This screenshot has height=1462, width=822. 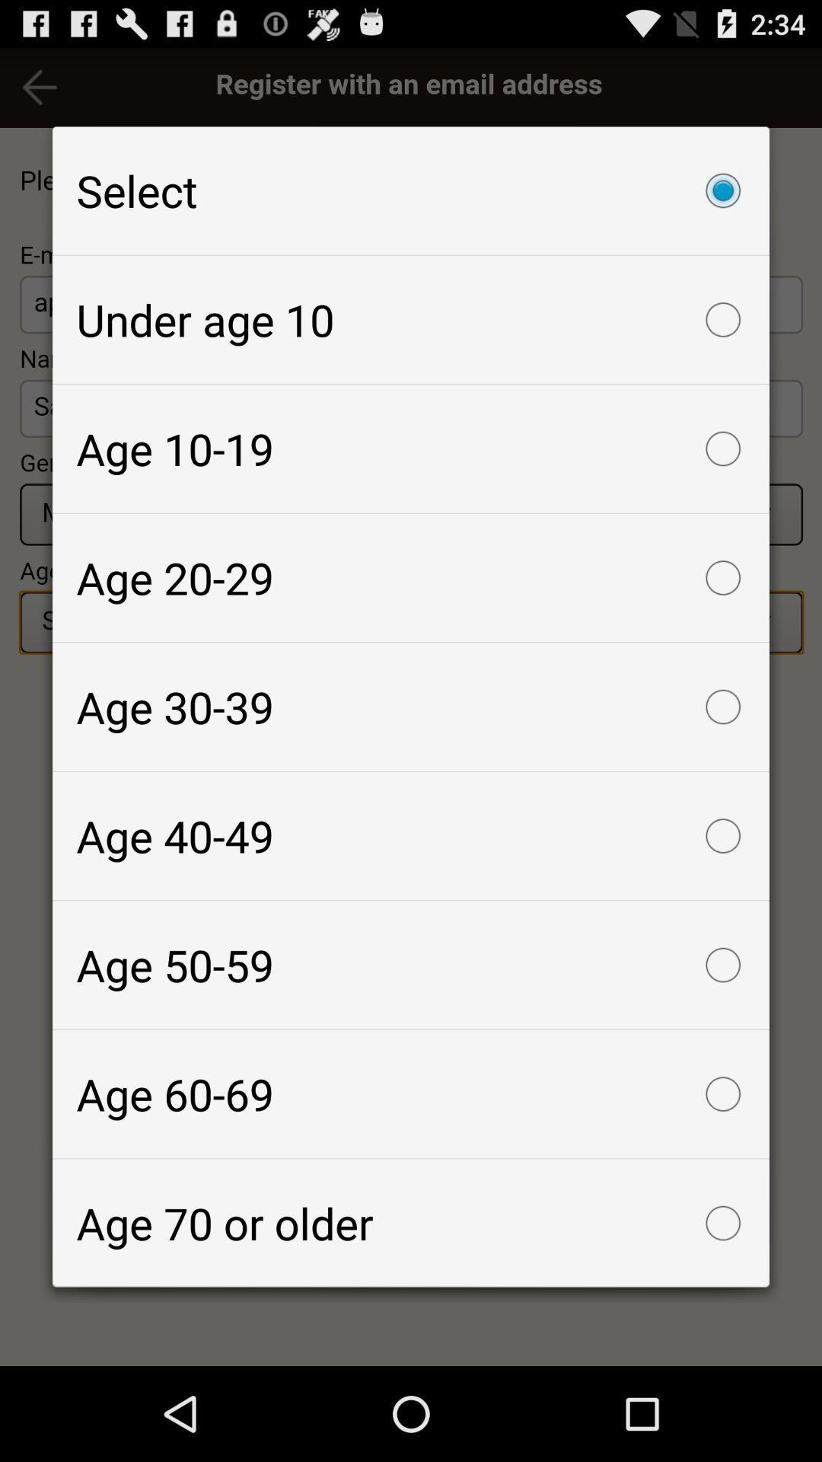 I want to click on the item above age 50-59, so click(x=411, y=835).